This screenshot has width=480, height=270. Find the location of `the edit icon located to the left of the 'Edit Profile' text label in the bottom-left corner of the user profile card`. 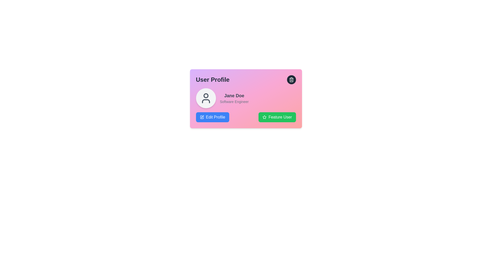

the edit icon located to the left of the 'Edit Profile' text label in the bottom-left corner of the user profile card is located at coordinates (202, 117).